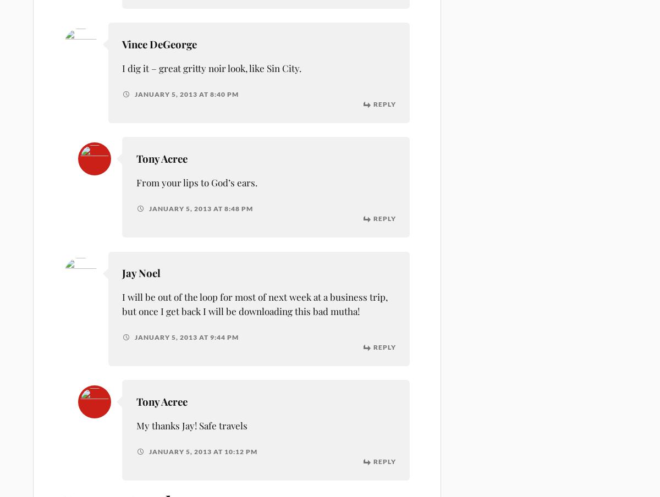  What do you see at coordinates (211, 67) in the screenshot?
I see `'I dig it – great gritty noir look, like Sin City.'` at bounding box center [211, 67].